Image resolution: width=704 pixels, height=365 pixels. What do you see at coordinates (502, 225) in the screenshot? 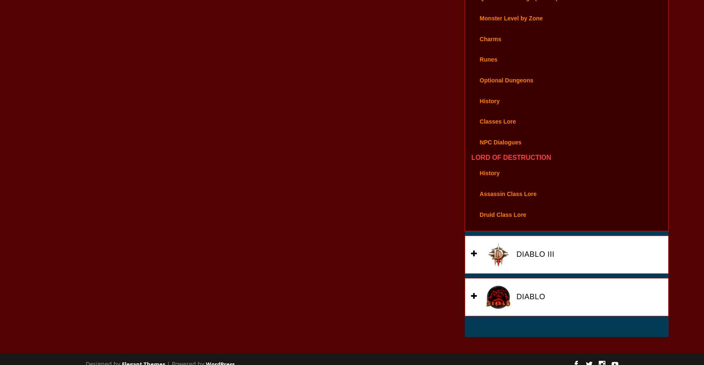
I see `'Druid Class Lore'` at bounding box center [502, 225].